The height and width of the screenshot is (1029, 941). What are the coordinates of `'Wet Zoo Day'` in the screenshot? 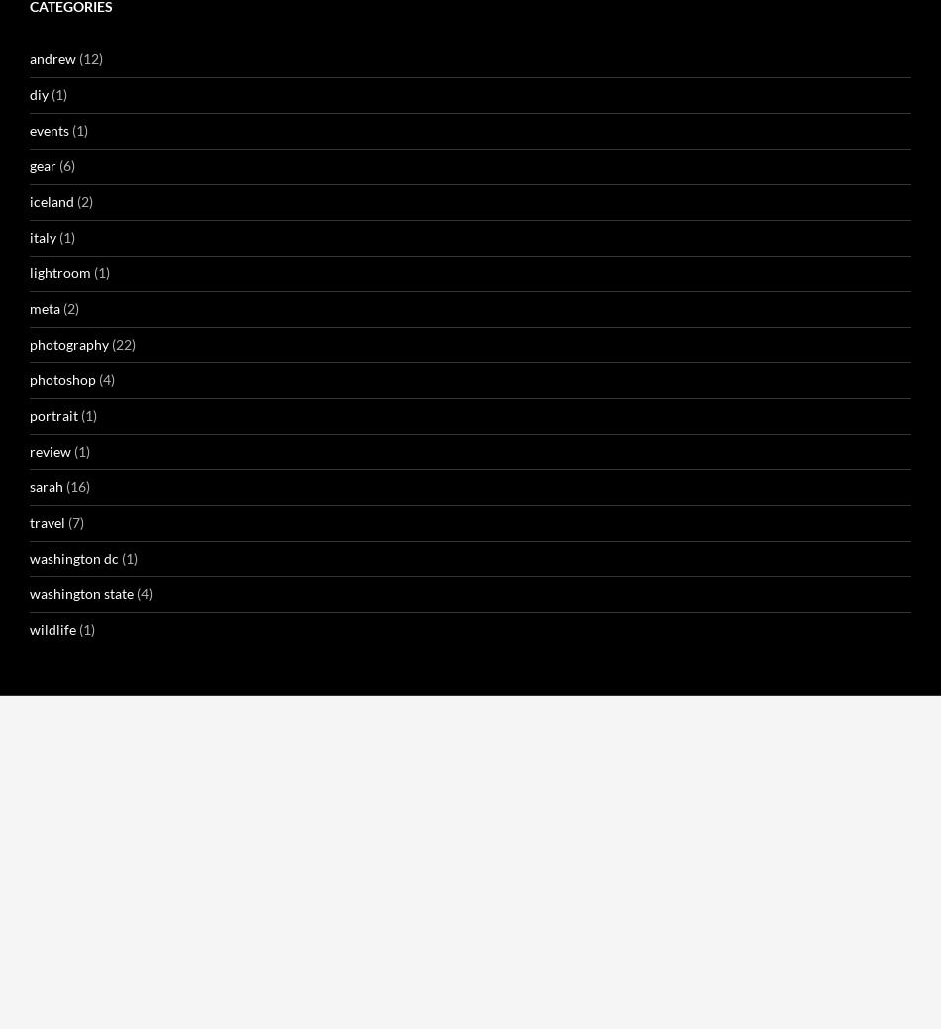 It's located at (343, 952).